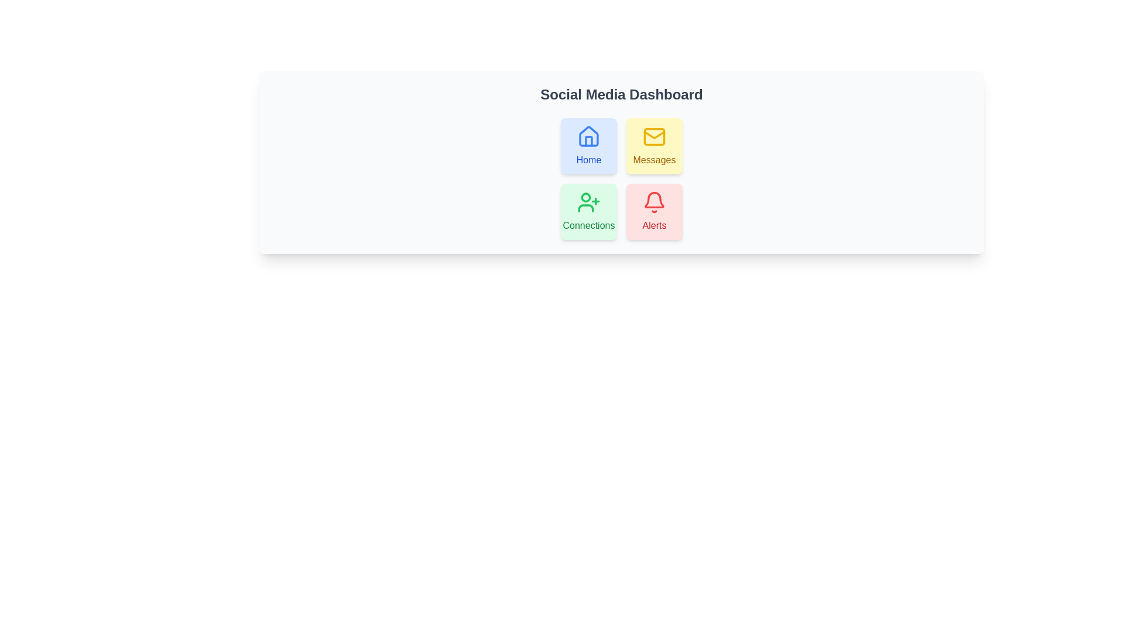 This screenshot has height=632, width=1124. Describe the element at coordinates (654, 136) in the screenshot. I see `the yellow-themed message icon component, which is styled with a yellow background and black outlines, located within the envelope illustration in the Social Media Dashboard` at that location.